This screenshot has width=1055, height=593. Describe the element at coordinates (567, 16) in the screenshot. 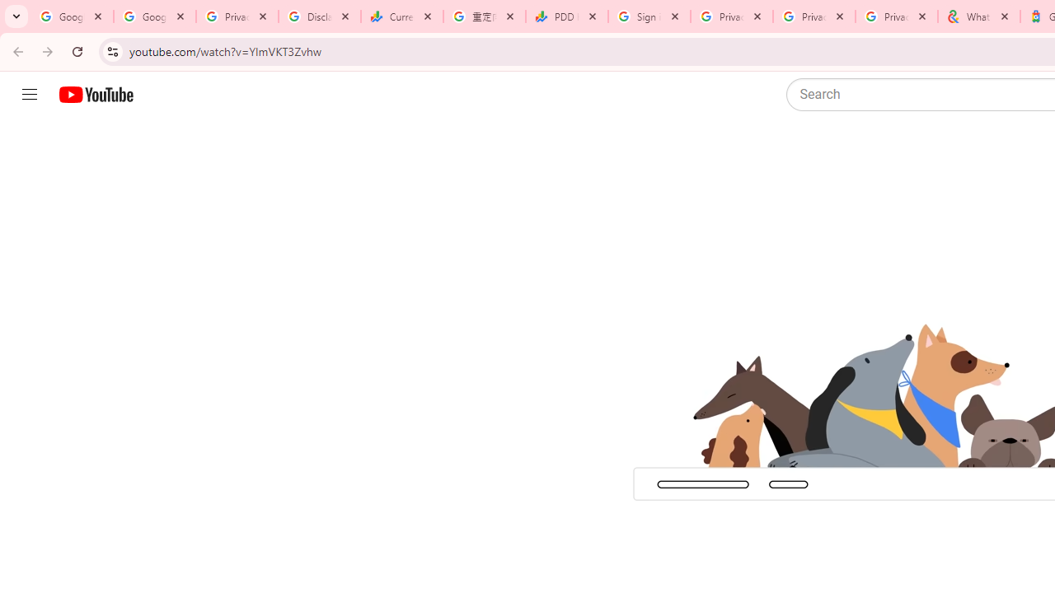

I see `'PDD Holdings Inc - ADR (PDD) Price & News - Google Finance'` at that location.